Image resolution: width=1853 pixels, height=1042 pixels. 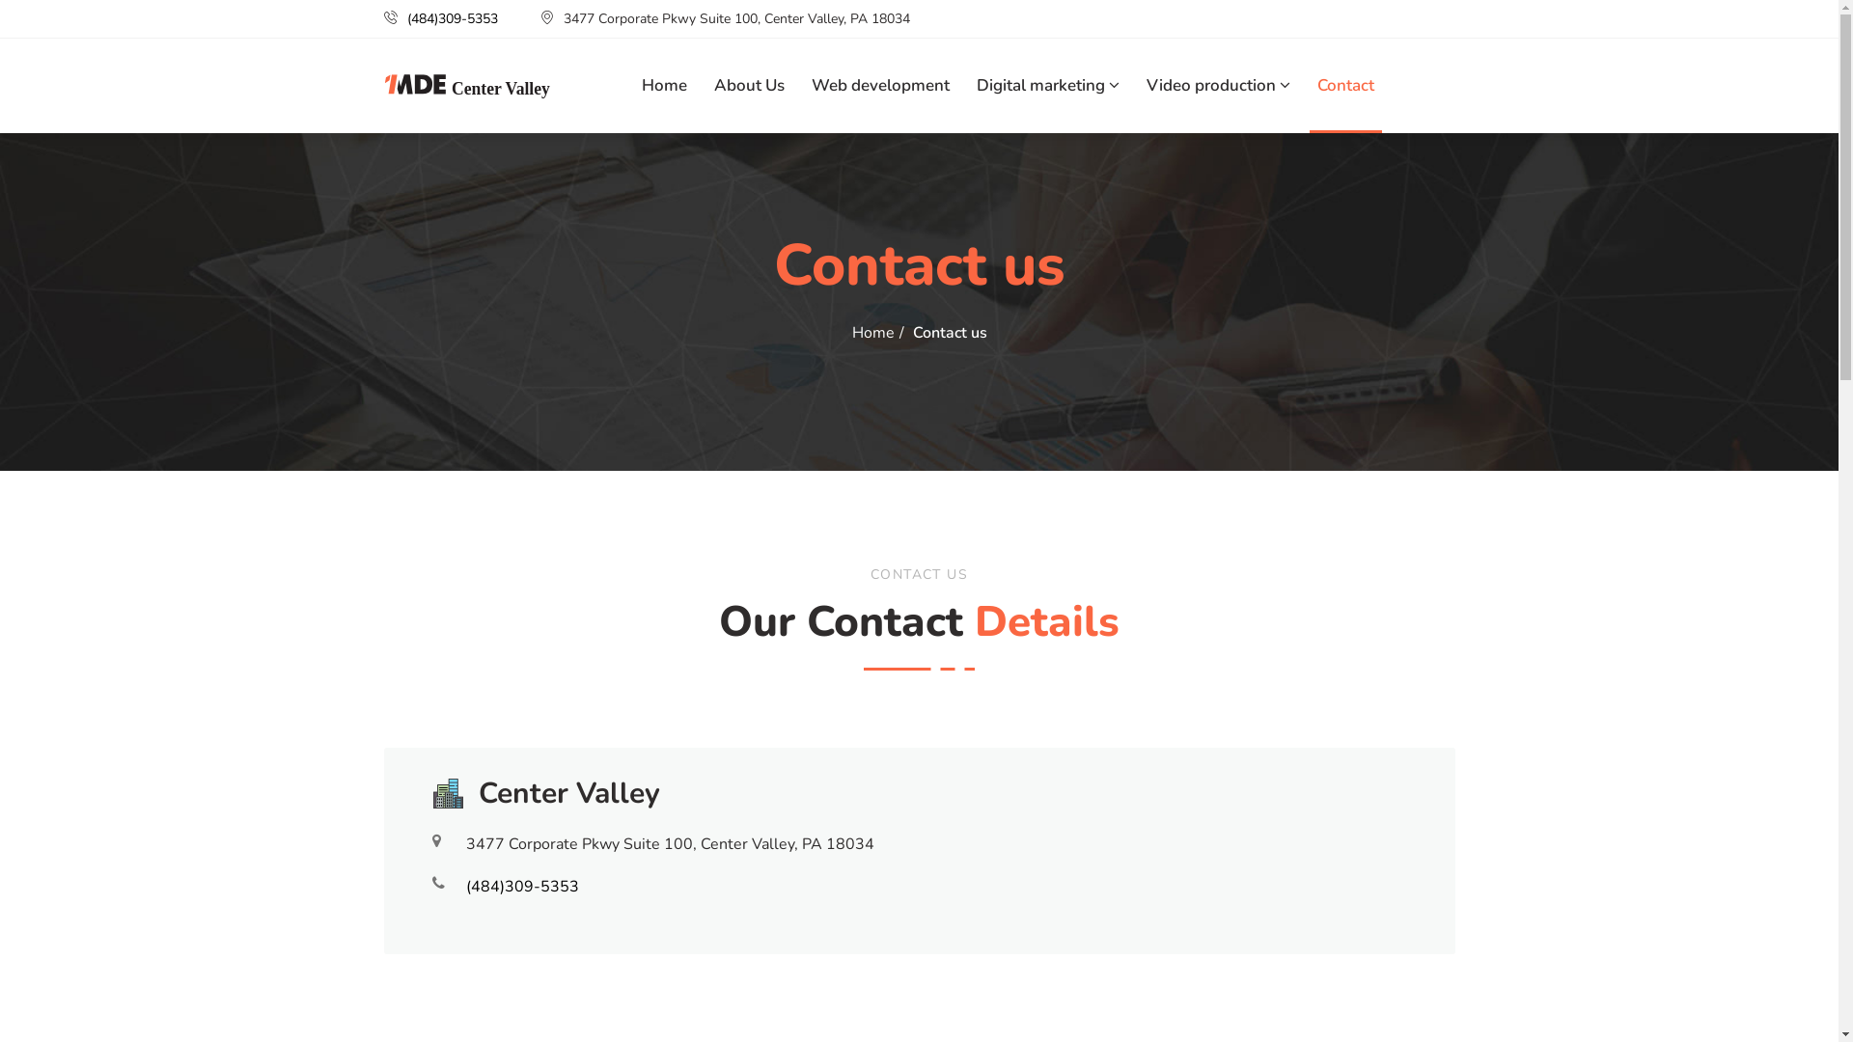 What do you see at coordinates (879, 84) in the screenshot?
I see `'Web development'` at bounding box center [879, 84].